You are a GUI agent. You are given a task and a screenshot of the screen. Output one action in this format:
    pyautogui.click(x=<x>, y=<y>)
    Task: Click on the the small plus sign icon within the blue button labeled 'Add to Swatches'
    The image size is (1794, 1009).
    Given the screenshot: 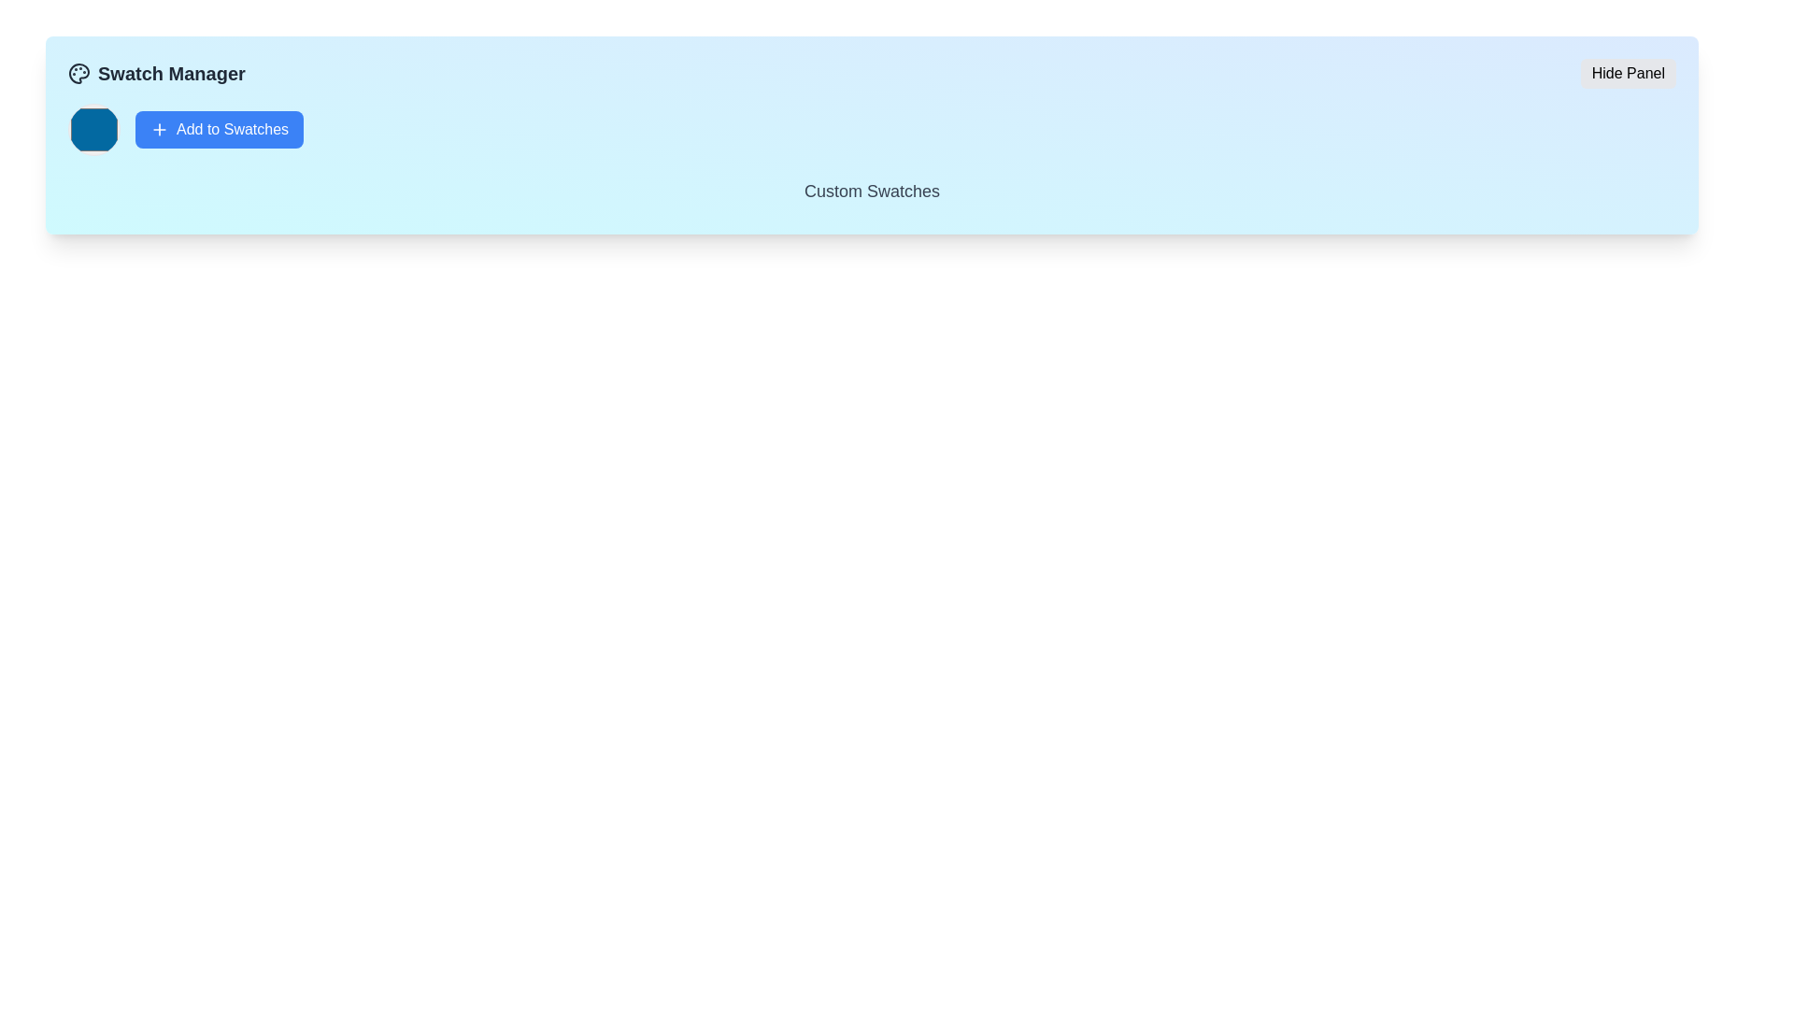 What is the action you would take?
    pyautogui.click(x=160, y=128)
    